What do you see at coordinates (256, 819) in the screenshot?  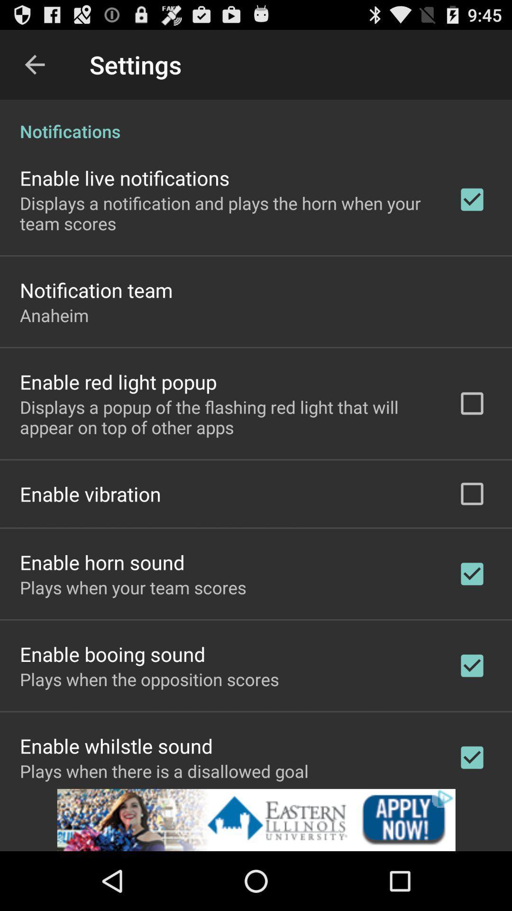 I see `look at the advertisement` at bounding box center [256, 819].